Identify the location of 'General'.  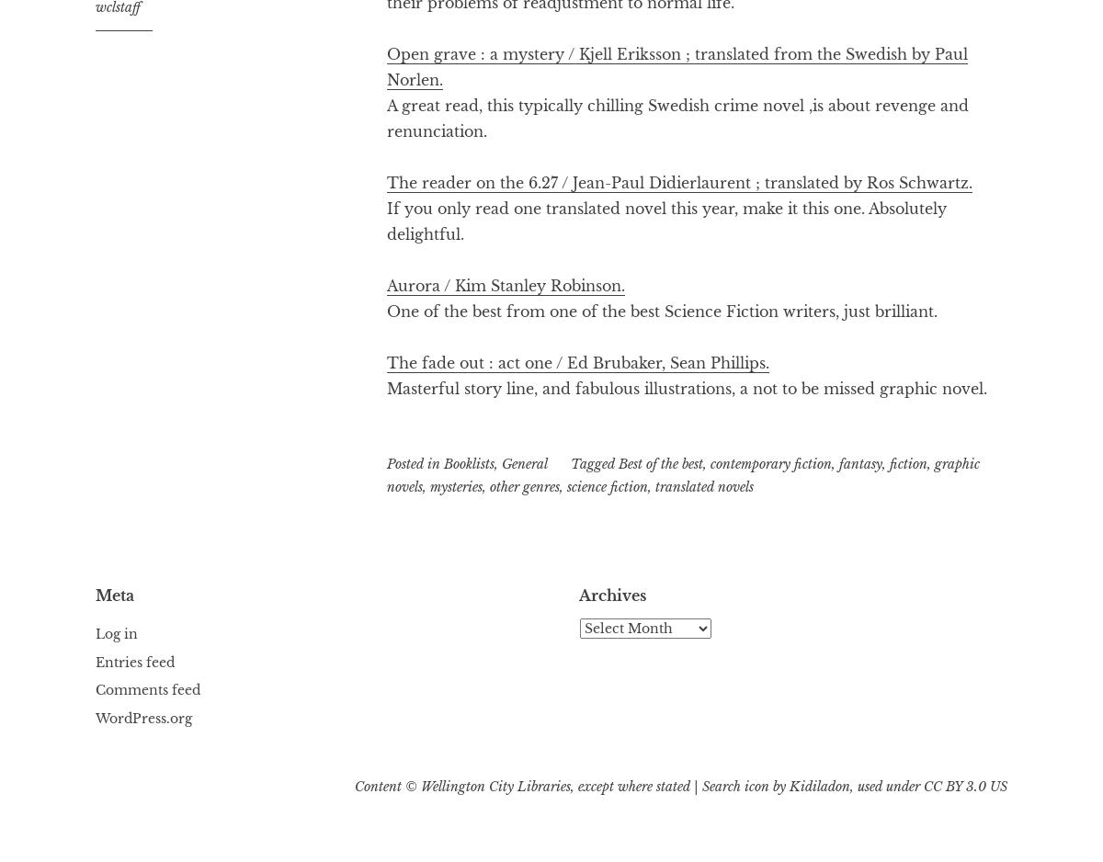
(523, 463).